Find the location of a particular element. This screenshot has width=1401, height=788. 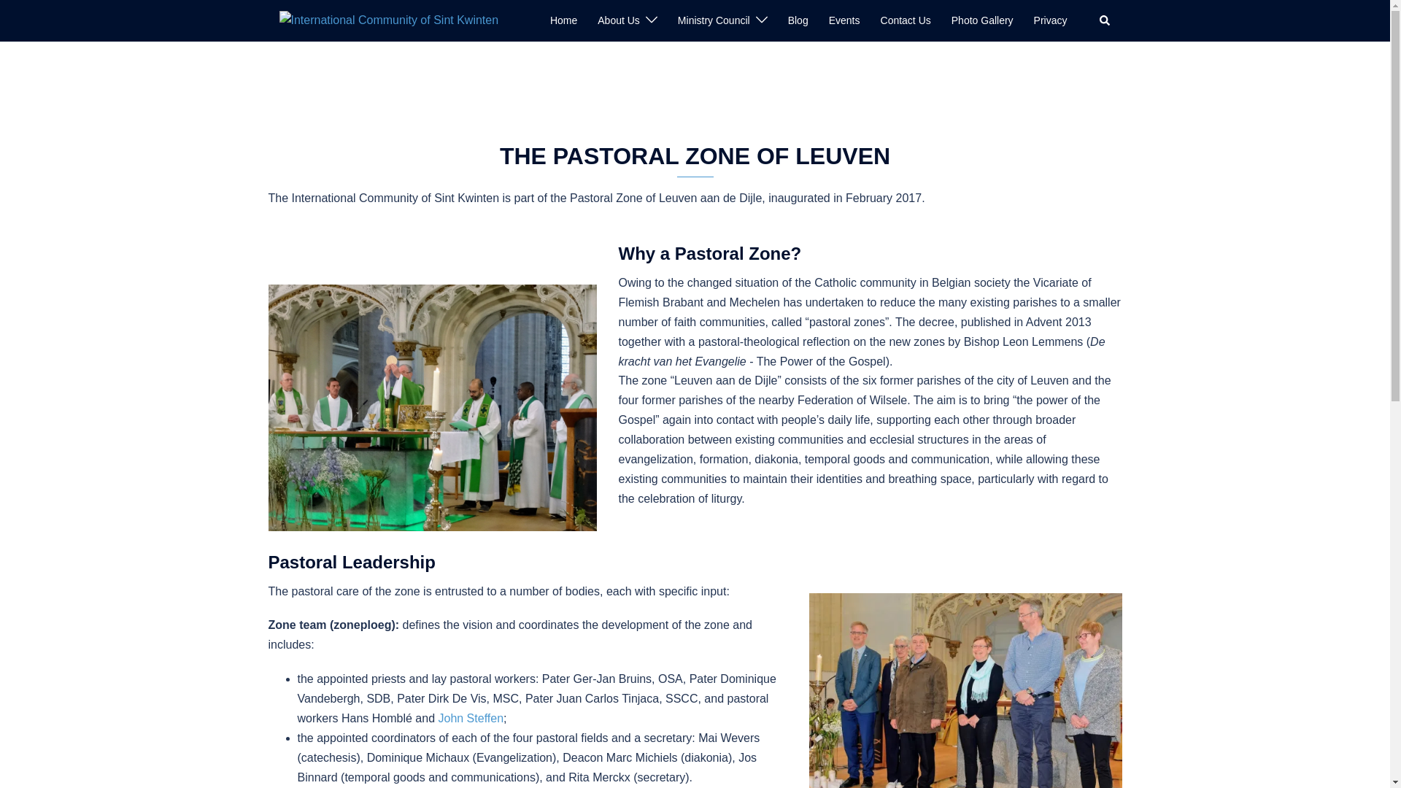

'Ministry Council' is located at coordinates (714, 21).